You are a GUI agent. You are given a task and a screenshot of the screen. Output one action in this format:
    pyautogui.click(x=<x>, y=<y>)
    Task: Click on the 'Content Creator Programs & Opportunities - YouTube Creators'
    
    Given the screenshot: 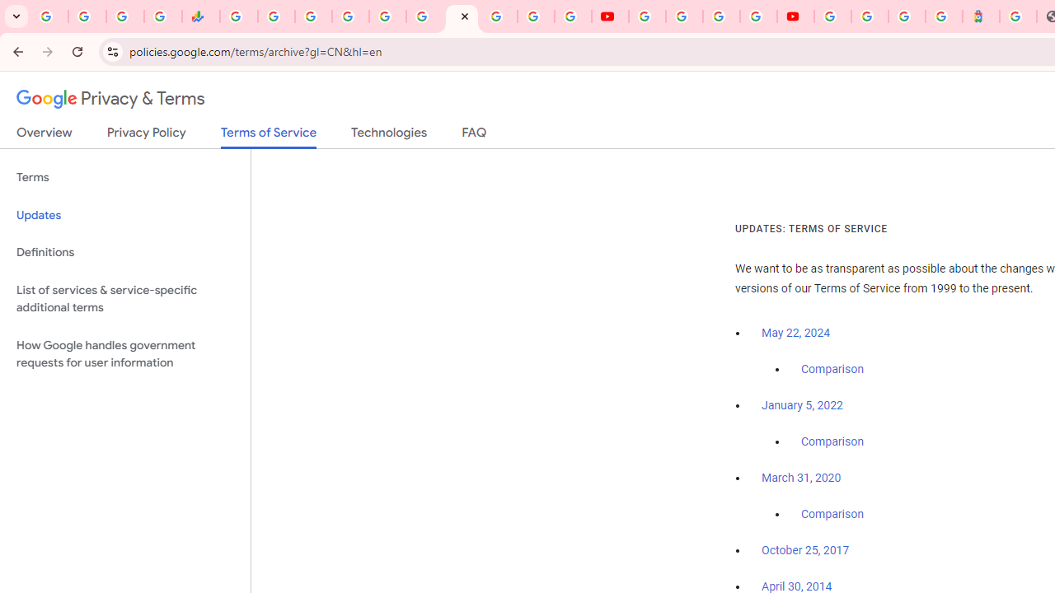 What is the action you would take?
    pyautogui.click(x=795, y=16)
    